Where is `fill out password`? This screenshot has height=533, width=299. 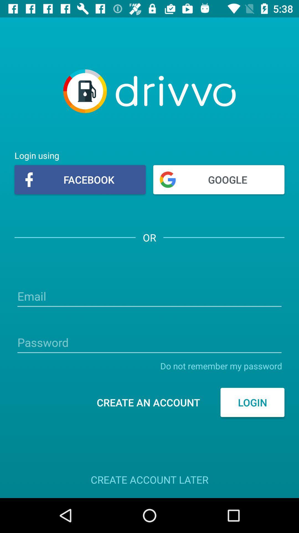
fill out password is located at coordinates (149, 343).